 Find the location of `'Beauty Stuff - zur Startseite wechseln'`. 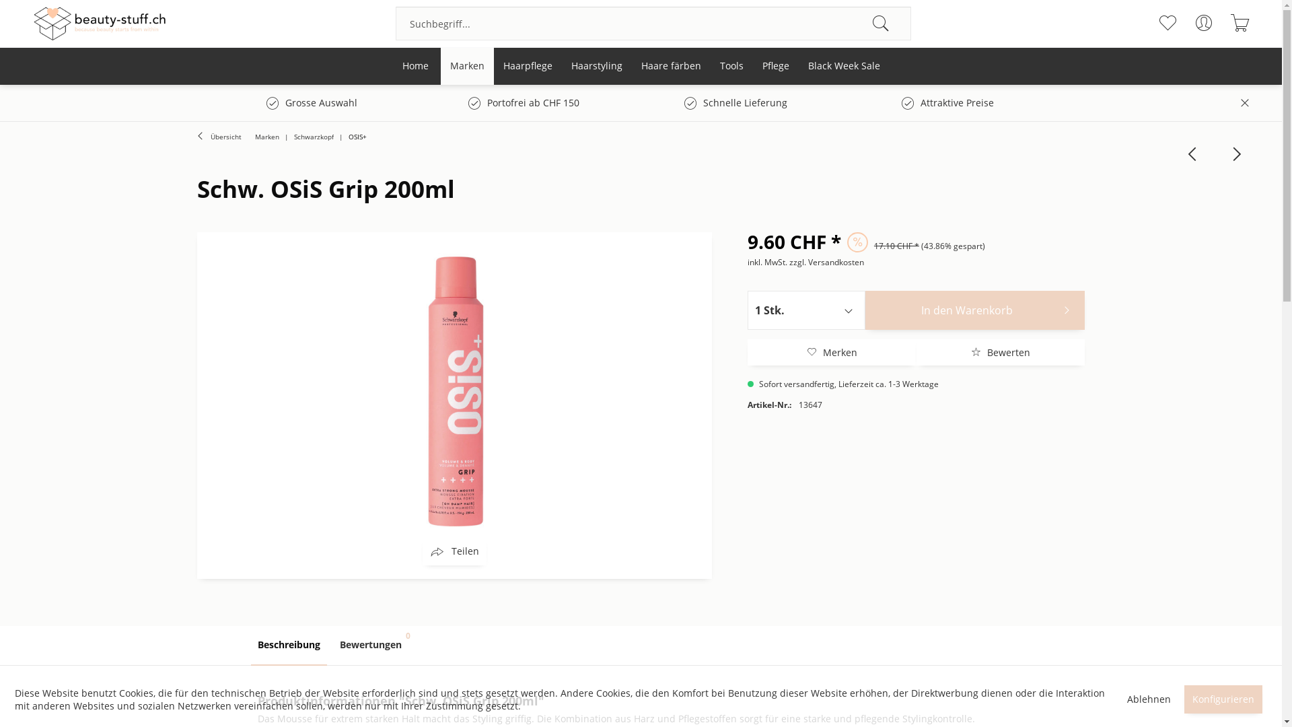

'Beauty Stuff - zur Startseite wechseln' is located at coordinates (99, 23).